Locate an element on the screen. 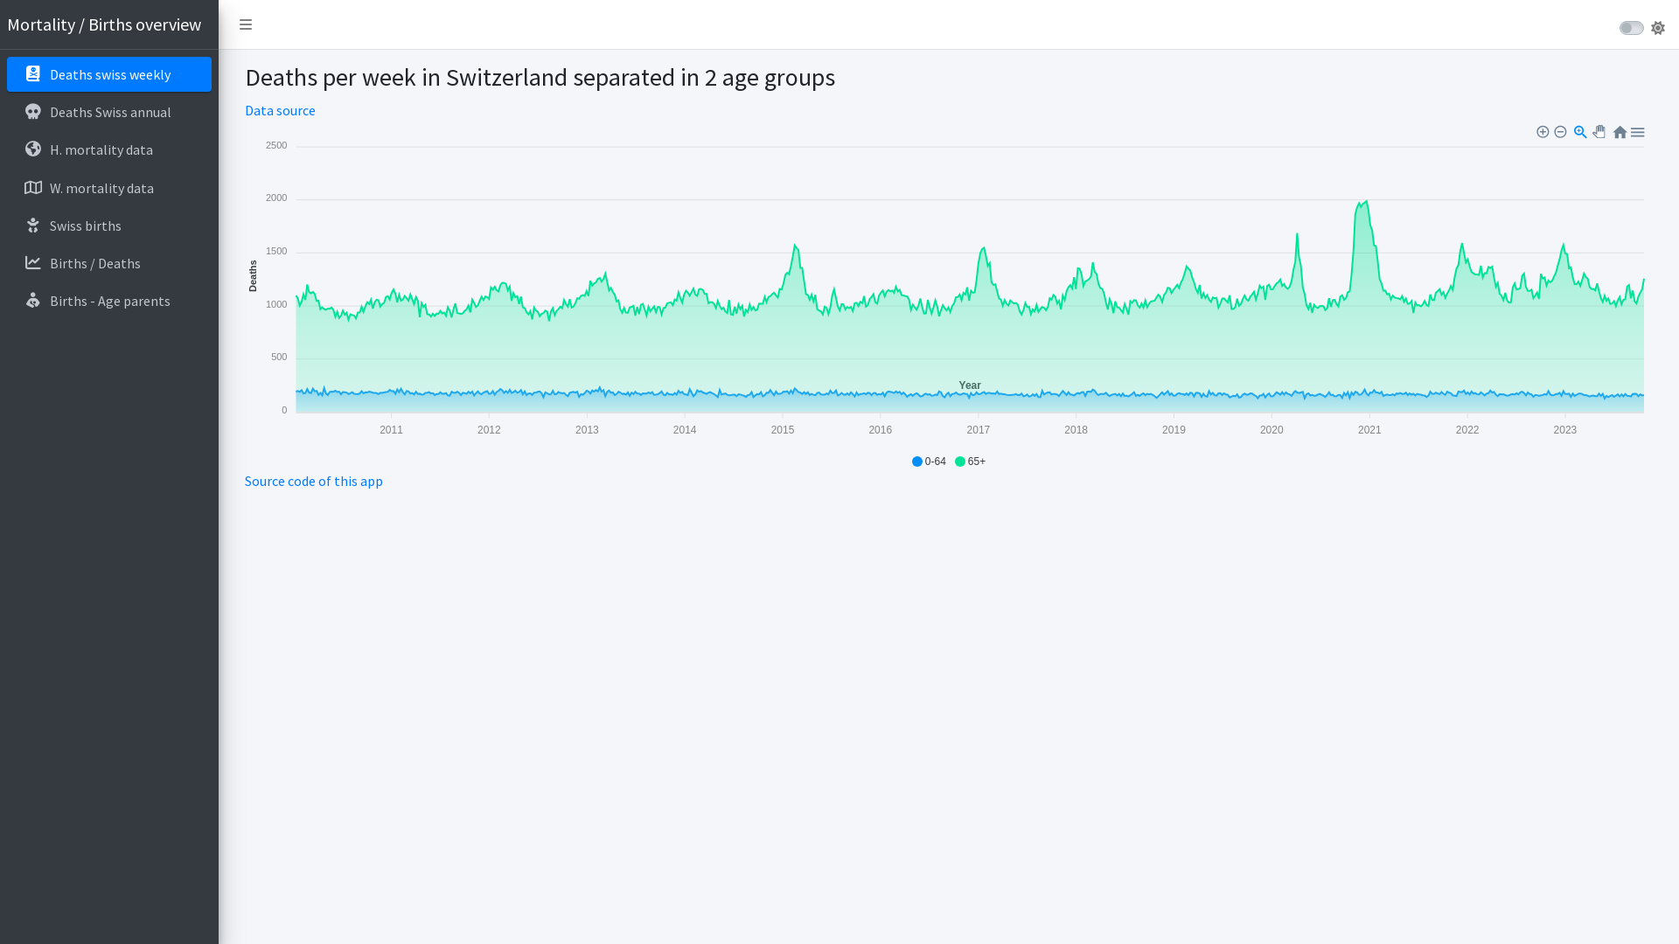 Image resolution: width=1679 pixels, height=944 pixels. 'Deaths swiss weekly' is located at coordinates (108, 73).